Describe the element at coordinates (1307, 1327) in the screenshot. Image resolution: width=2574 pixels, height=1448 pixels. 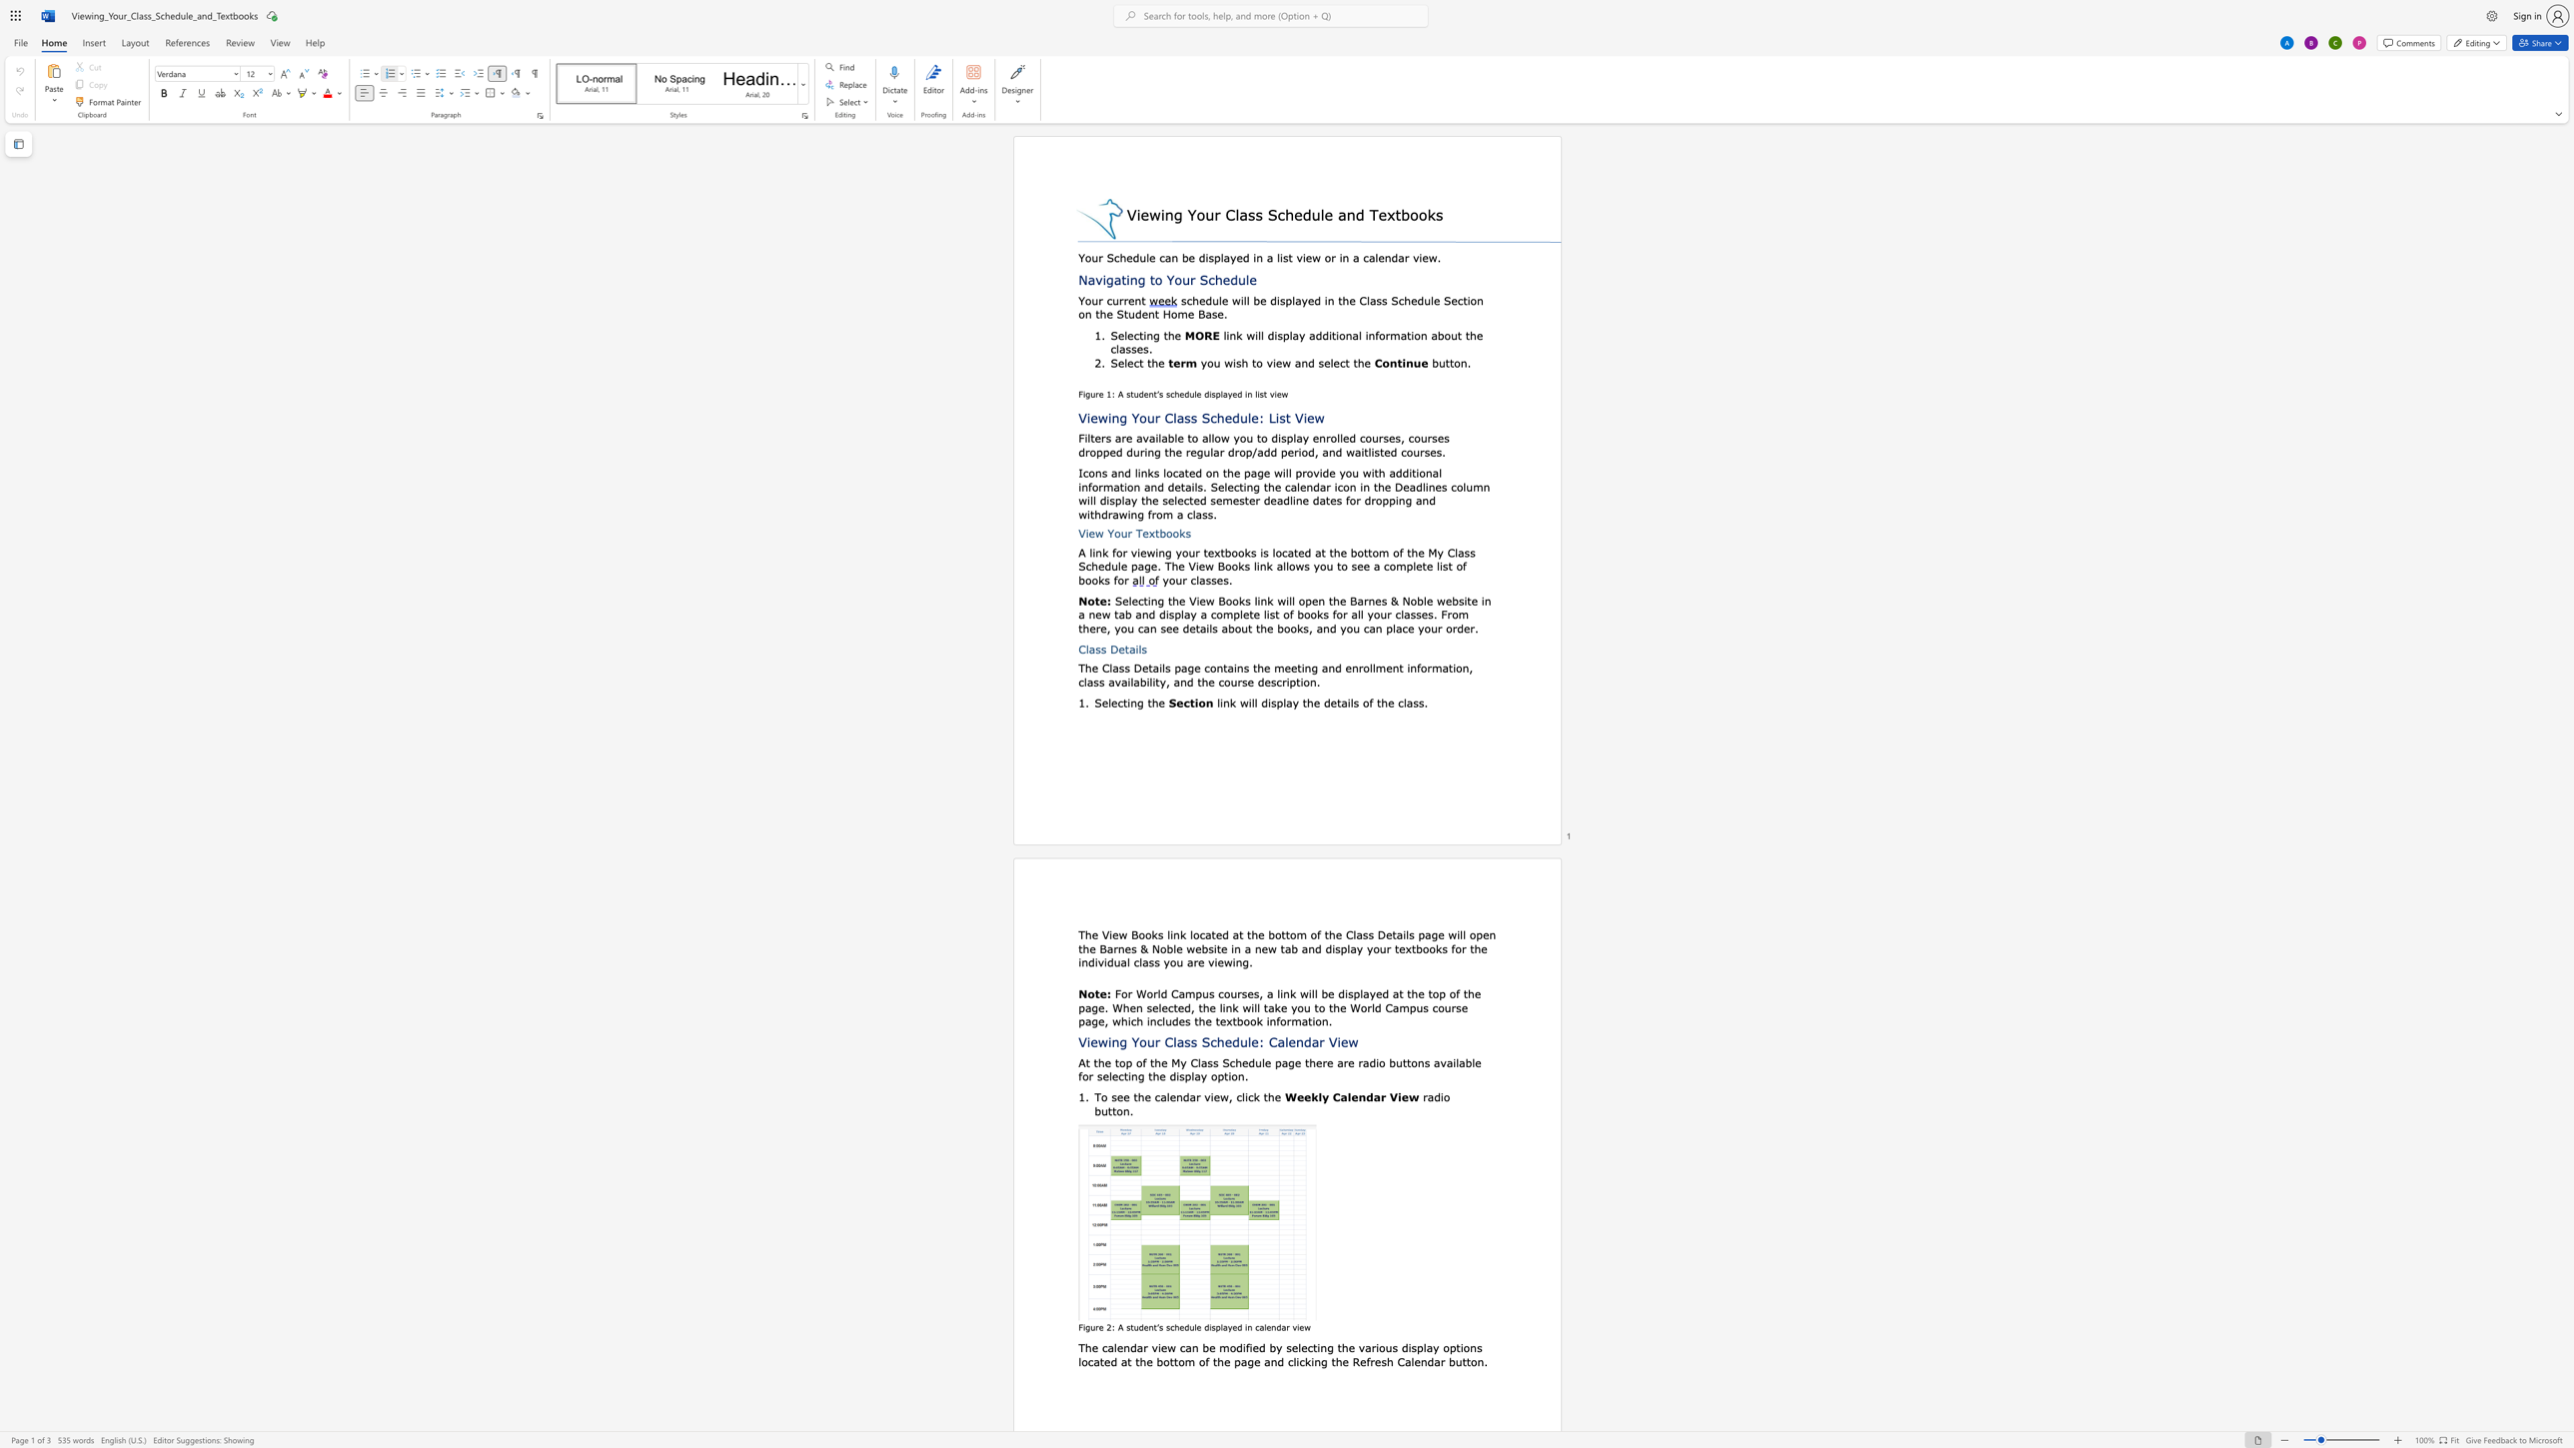
I see `the 1th character "w" in the text` at that location.